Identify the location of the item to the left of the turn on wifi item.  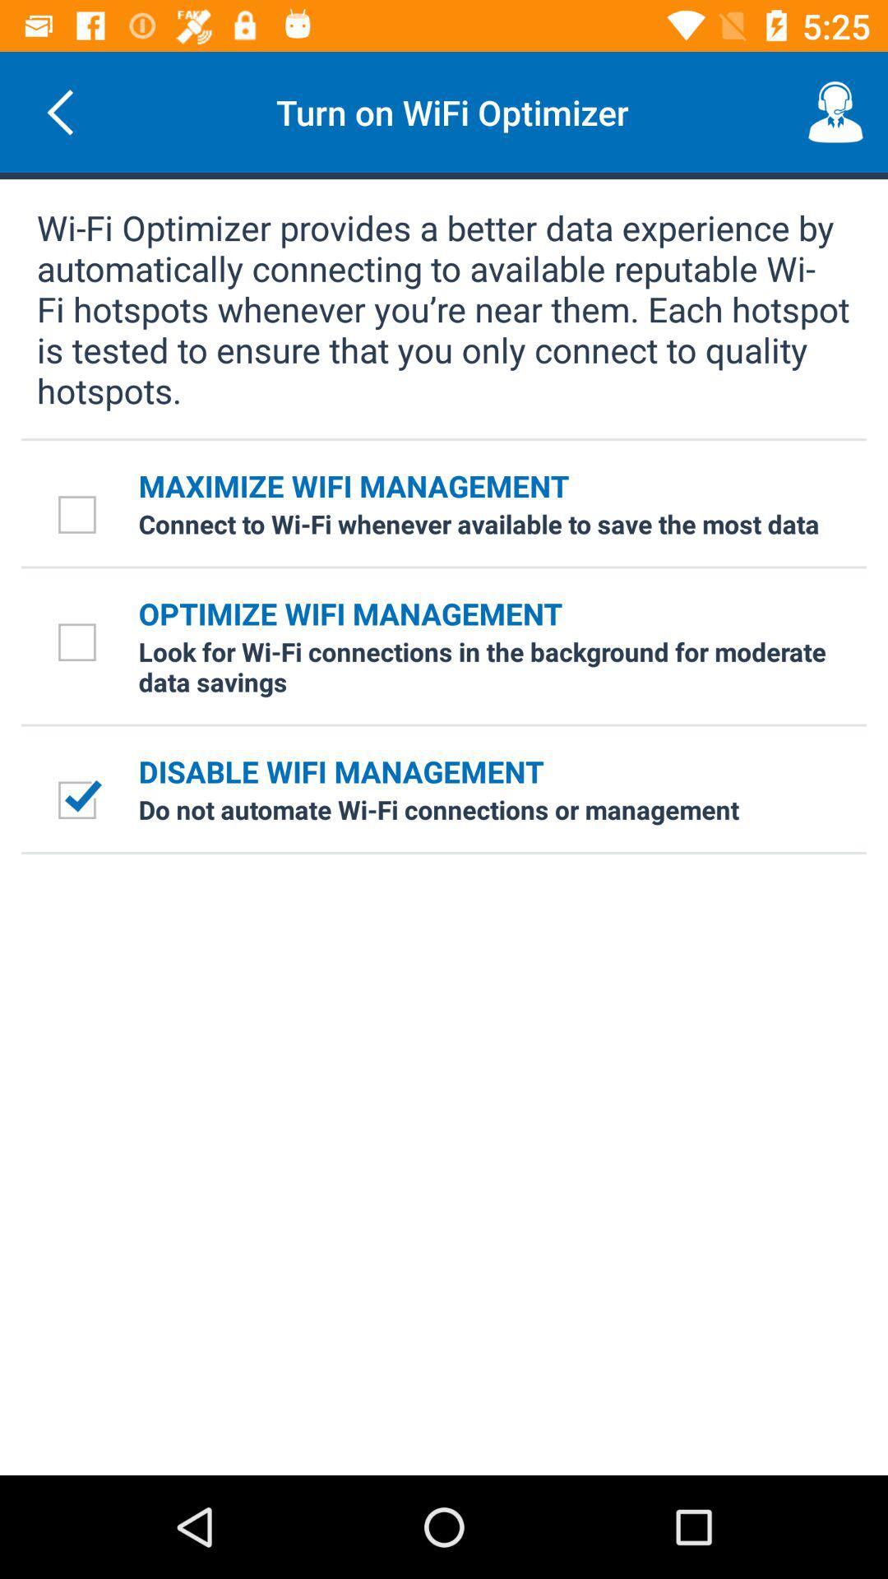
(59, 111).